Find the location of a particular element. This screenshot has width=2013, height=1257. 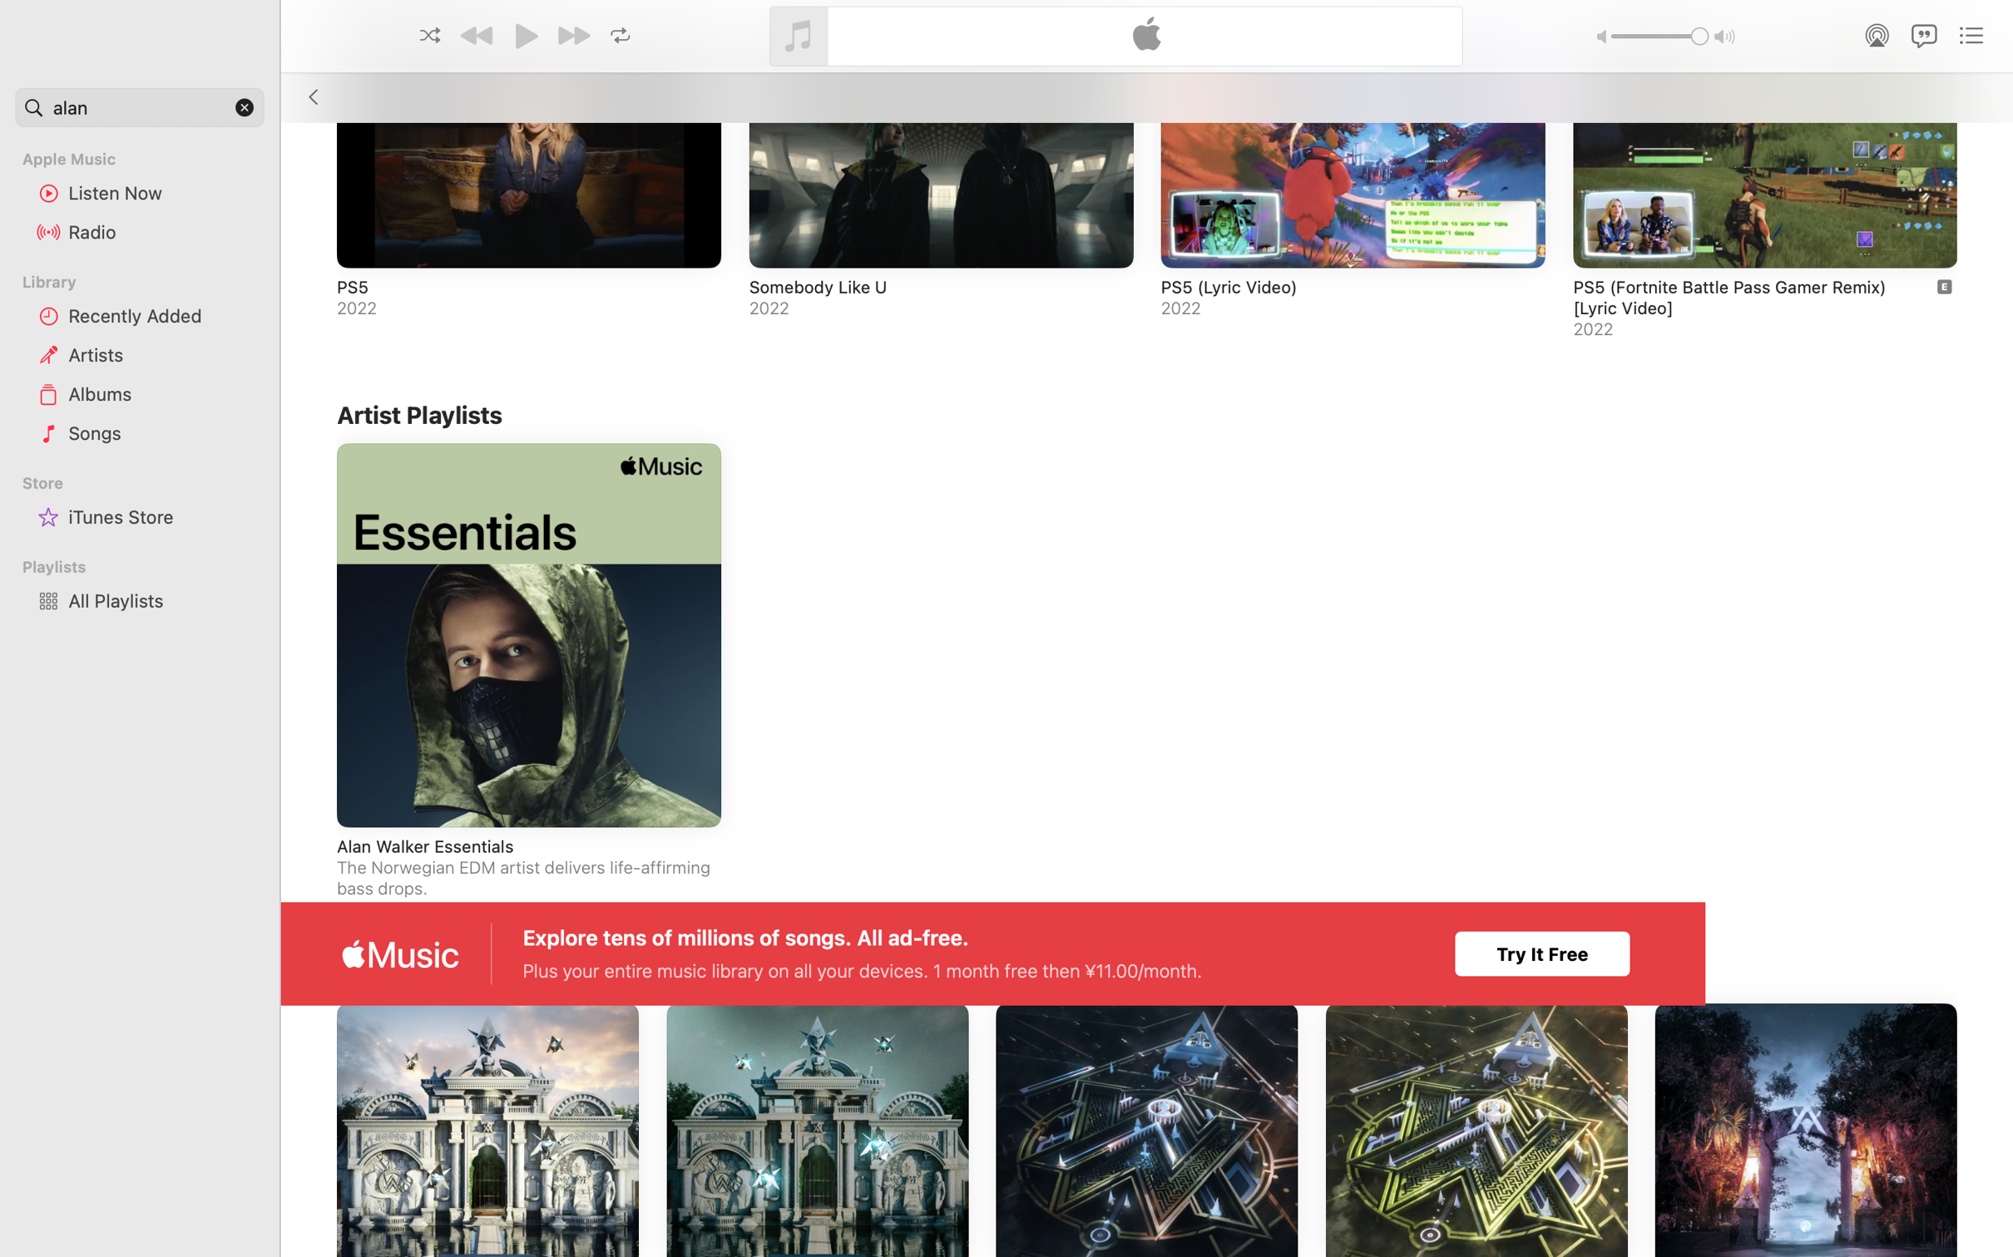

'Recently Added' is located at coordinates (160, 314).